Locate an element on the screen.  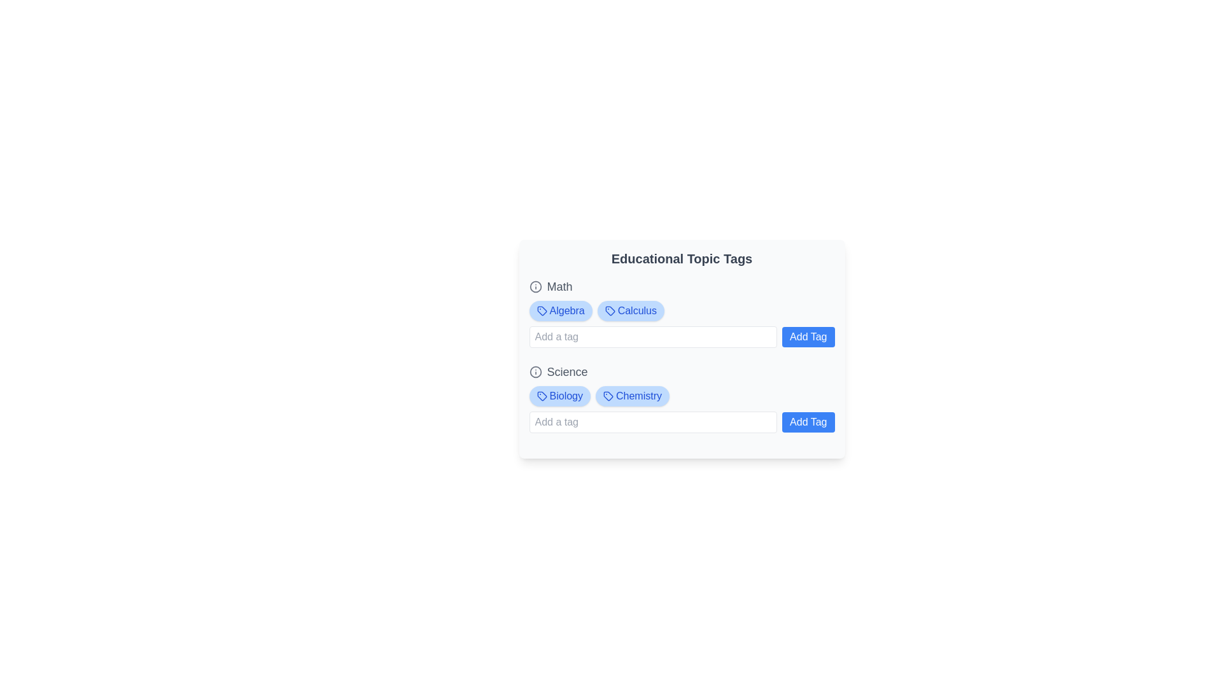
the first tag icon in the 'Science' category that visually represents 'Biology' is located at coordinates (542, 396).